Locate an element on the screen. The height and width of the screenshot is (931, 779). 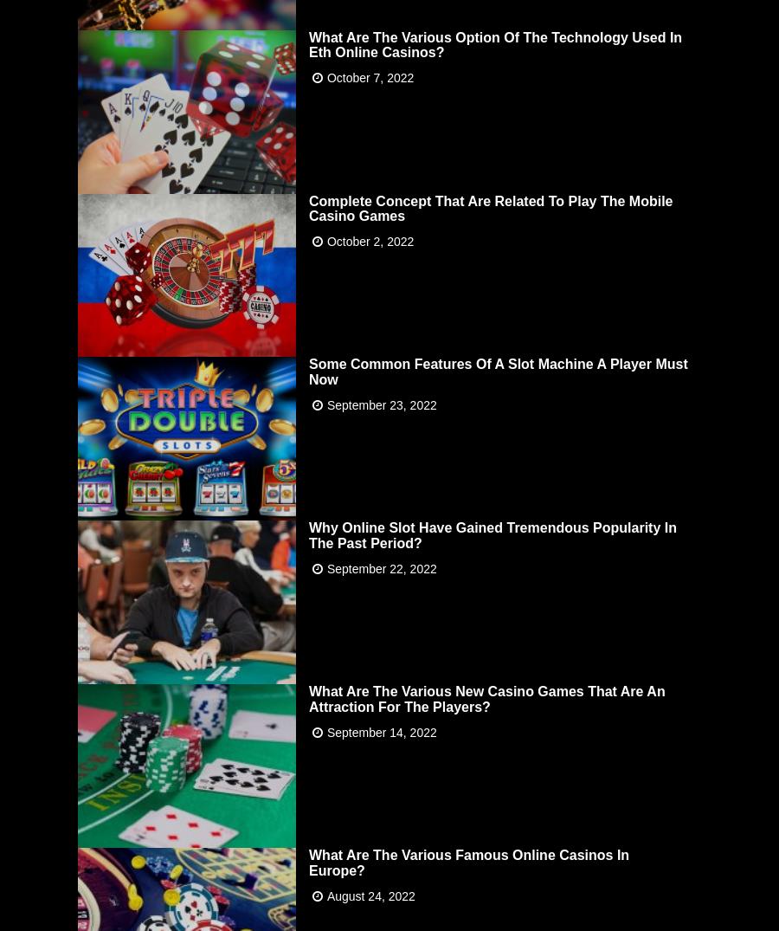
'What Are The Various Famous Online Casinos In Europe?' is located at coordinates (467, 861).